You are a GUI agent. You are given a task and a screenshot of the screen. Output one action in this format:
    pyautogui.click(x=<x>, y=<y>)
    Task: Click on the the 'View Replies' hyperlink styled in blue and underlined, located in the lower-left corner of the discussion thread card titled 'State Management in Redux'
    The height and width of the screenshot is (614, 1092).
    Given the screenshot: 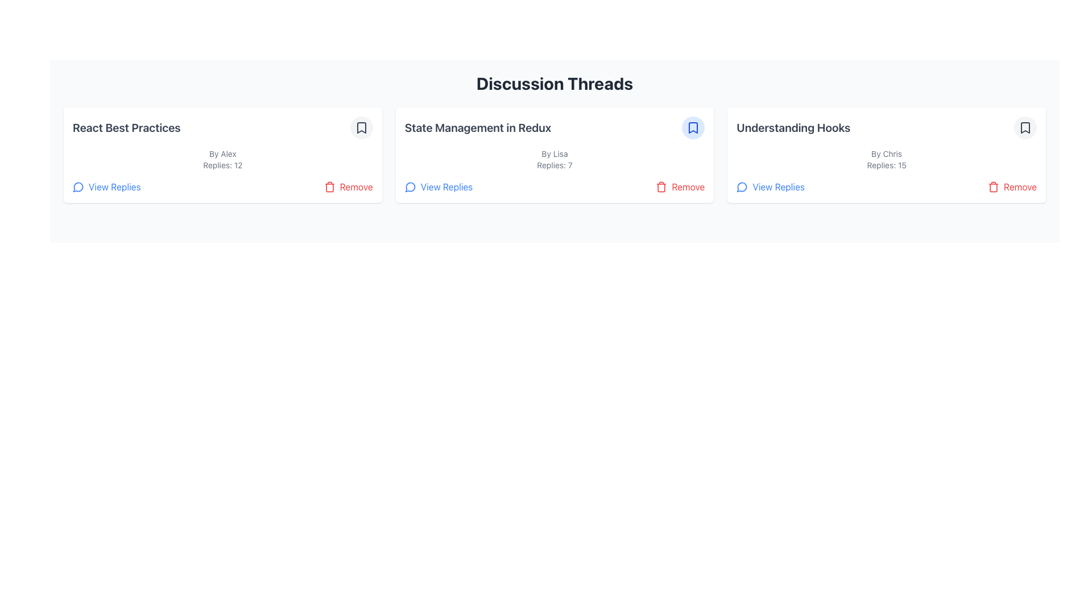 What is the action you would take?
    pyautogui.click(x=446, y=186)
    